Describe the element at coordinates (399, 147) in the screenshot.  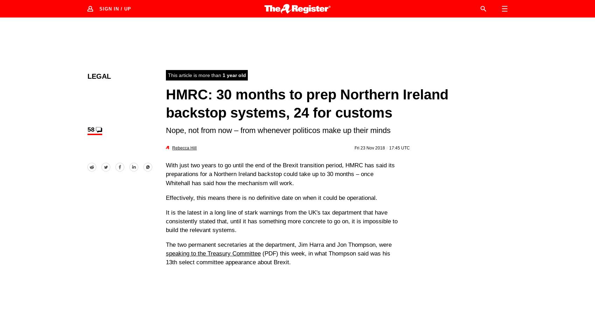
I see `'17:45 UTC'` at that location.